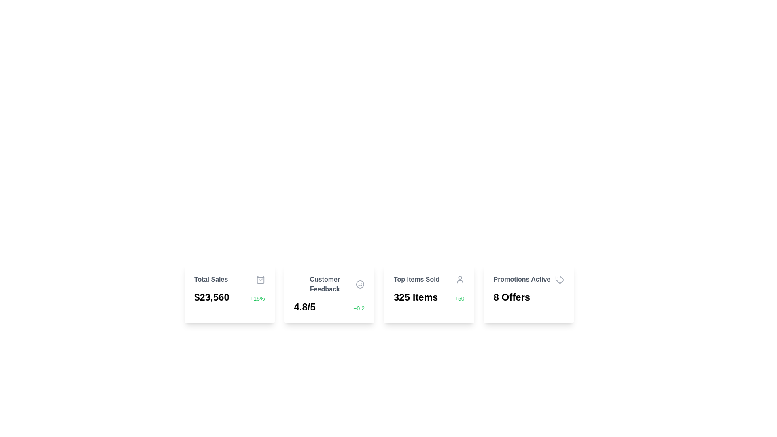 This screenshot has height=437, width=777. Describe the element at coordinates (416, 279) in the screenshot. I see `text from the title or heading text label located in the center region of the card, which identifies the type of information presented` at that location.